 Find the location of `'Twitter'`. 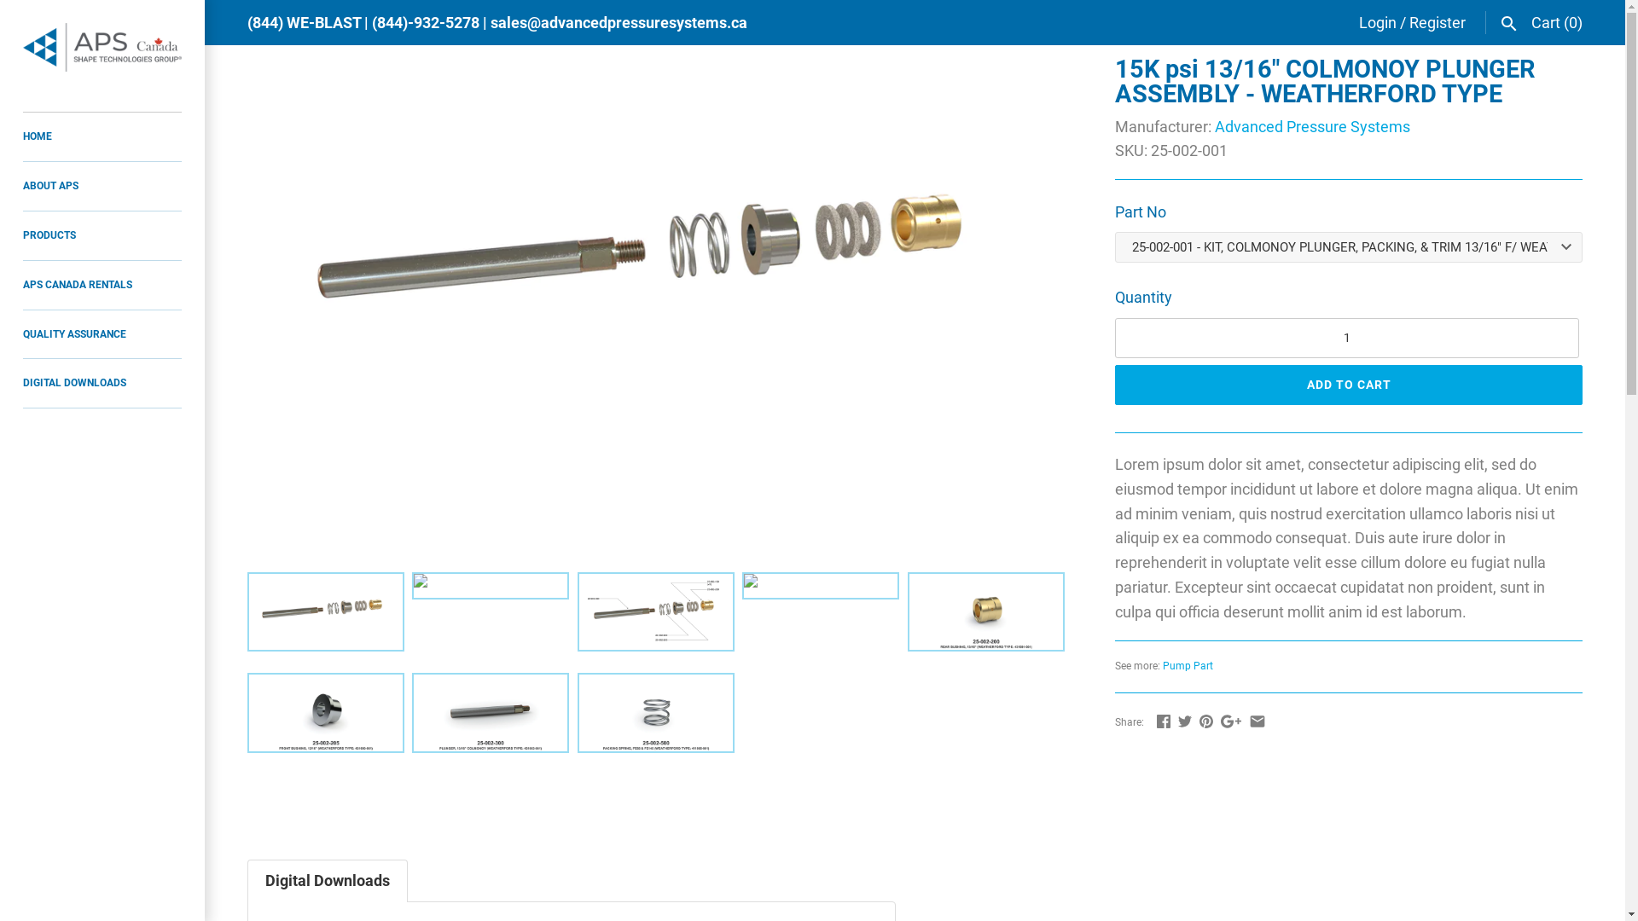

'Twitter' is located at coordinates (1183, 721).